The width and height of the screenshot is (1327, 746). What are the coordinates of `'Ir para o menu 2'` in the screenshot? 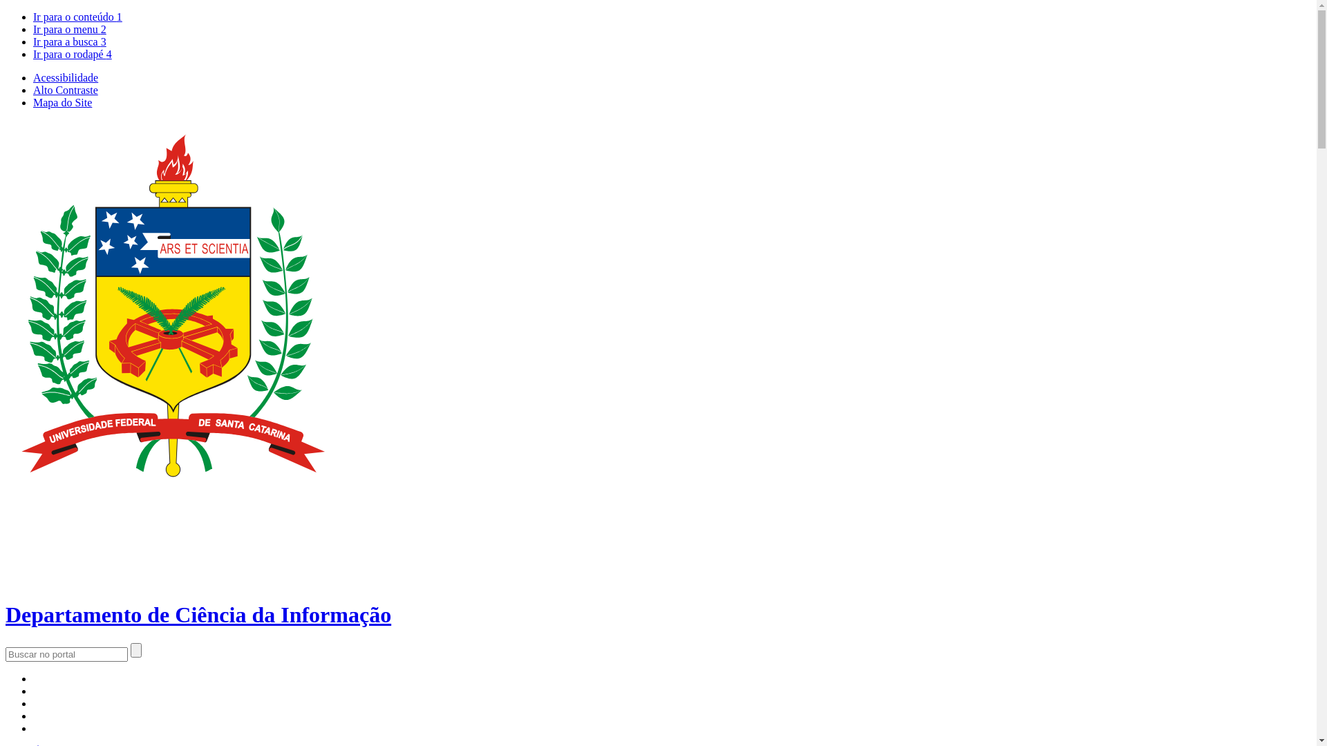 It's located at (68, 29).